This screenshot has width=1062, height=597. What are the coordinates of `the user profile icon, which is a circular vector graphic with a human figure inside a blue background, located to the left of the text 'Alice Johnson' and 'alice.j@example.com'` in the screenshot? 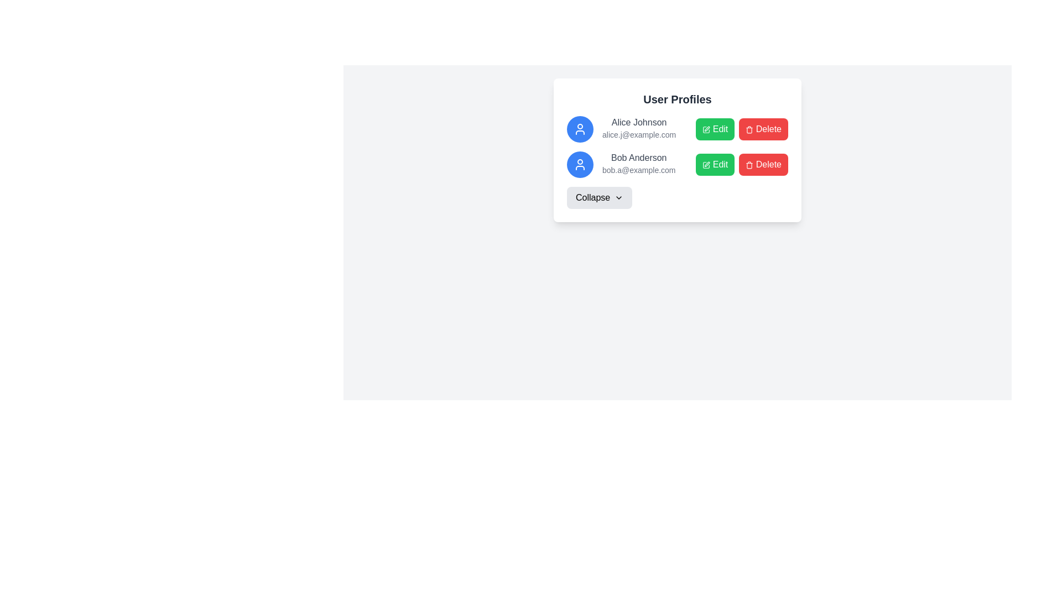 It's located at (580, 129).